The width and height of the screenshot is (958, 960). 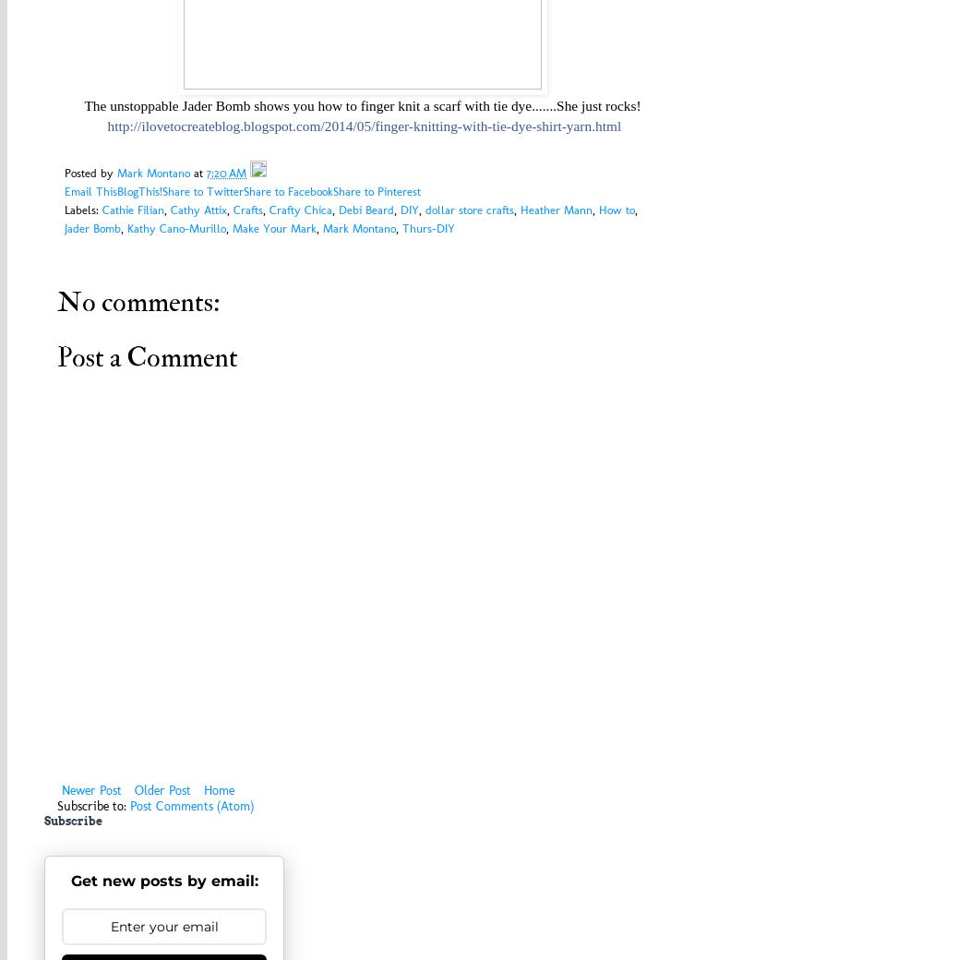 I want to click on 'Posted by', so click(x=90, y=172).